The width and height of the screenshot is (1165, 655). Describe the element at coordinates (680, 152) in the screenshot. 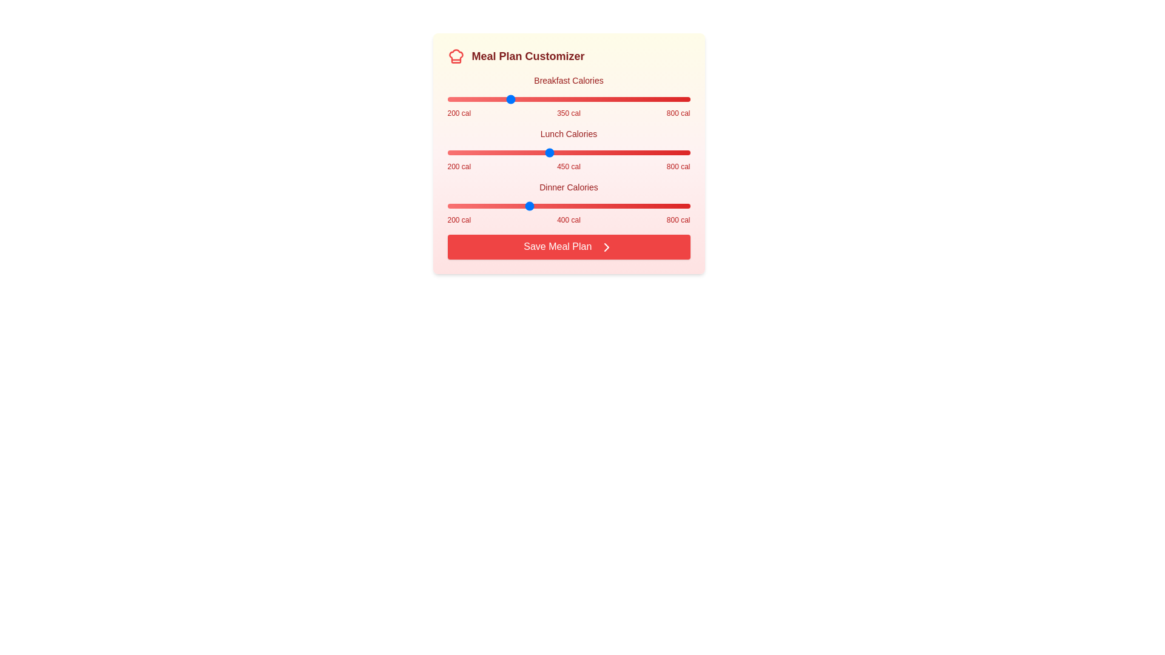

I see `the lunch calorie slider to 774 calories` at that location.